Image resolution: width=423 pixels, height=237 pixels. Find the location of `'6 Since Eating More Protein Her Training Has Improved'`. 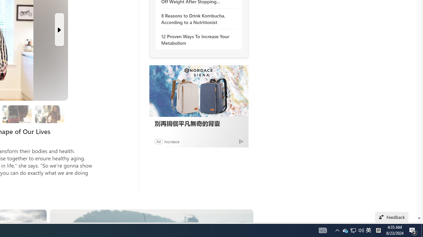

'6 Since Eating More Protein Her Training Has Improved' is located at coordinates (17, 114).